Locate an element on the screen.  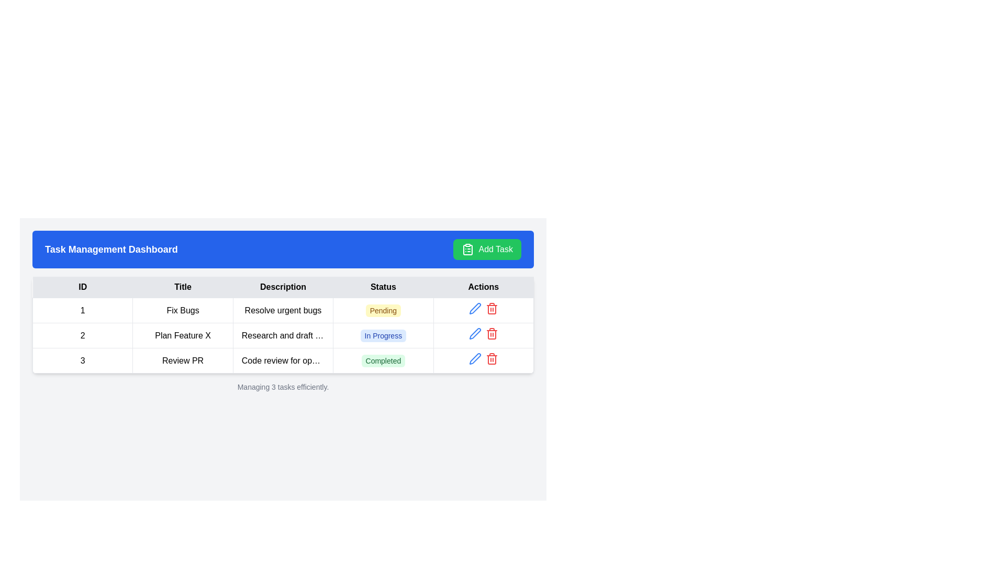
the table cell in the first column of the third row is located at coordinates (82, 360).